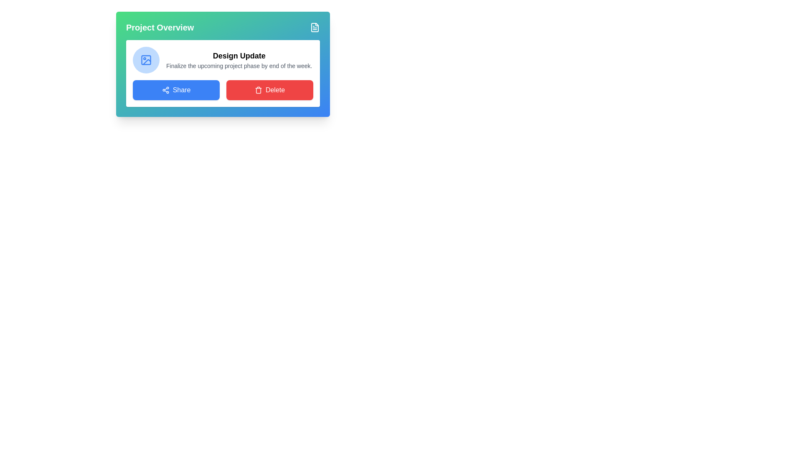  I want to click on the small rectangular document icon with horizontal lines and a folded corner, styled in white on a turquoise background, located at the top-right corner of the 'Project Overview' section, so click(314, 27).